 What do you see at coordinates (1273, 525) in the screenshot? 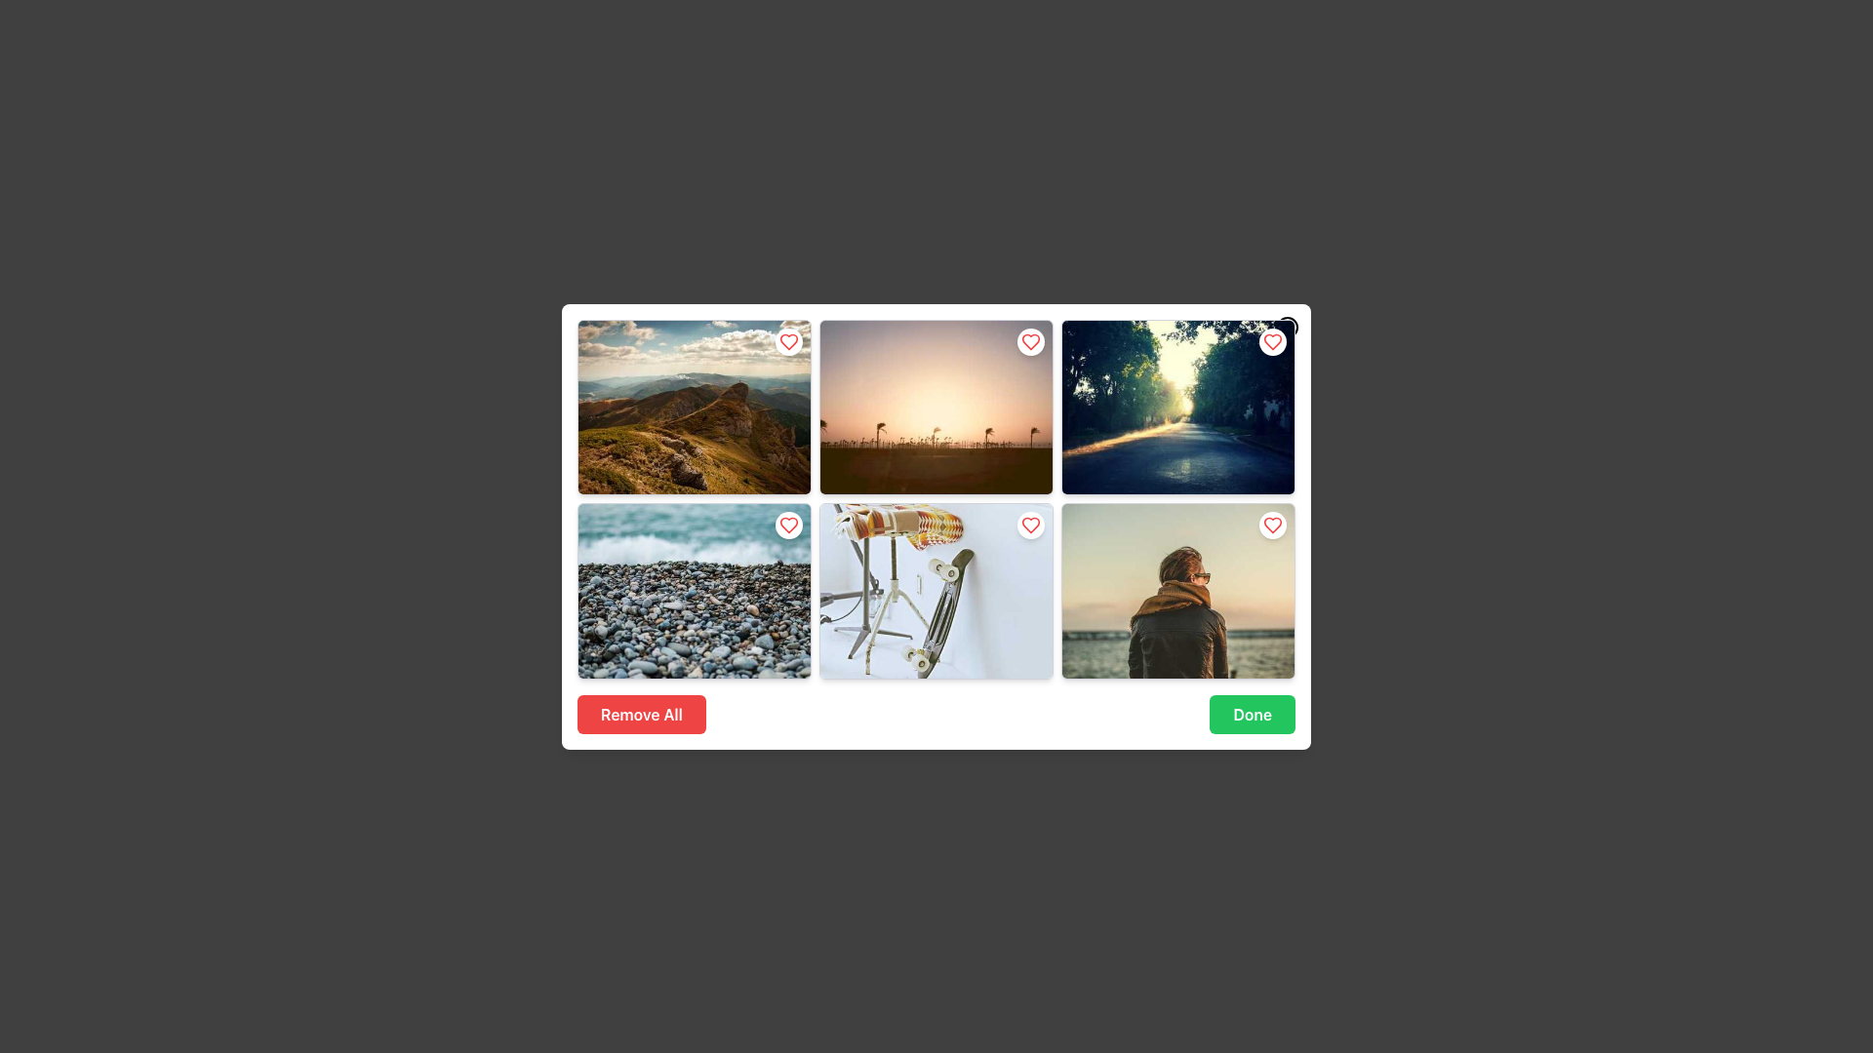
I see `the heart icon located at the top right corner of the third image in the top row of the grid layout, which serves as a state indicator for liking or favoriting the associated image` at bounding box center [1273, 525].